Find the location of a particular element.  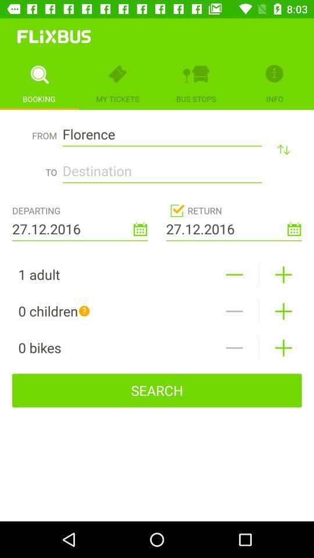

the bike quantity is located at coordinates (234, 348).